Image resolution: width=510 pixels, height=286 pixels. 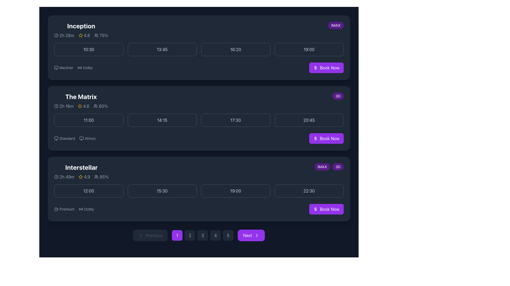 What do you see at coordinates (56, 177) in the screenshot?
I see `the clock-like icon representing the duration of the movie 'Interstellar', located in the description area of the third movie block` at bounding box center [56, 177].